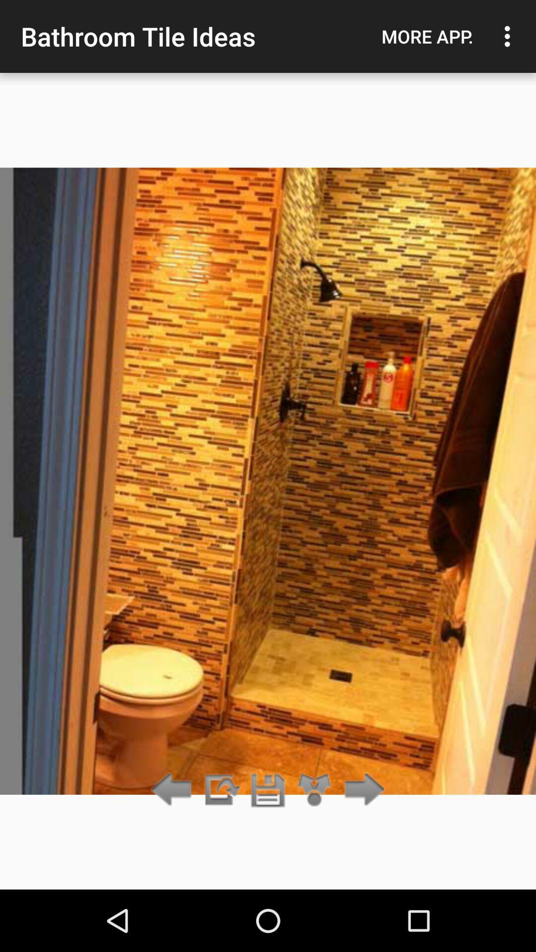 The image size is (536, 952). Describe the element at coordinates (174, 790) in the screenshot. I see `go back` at that location.